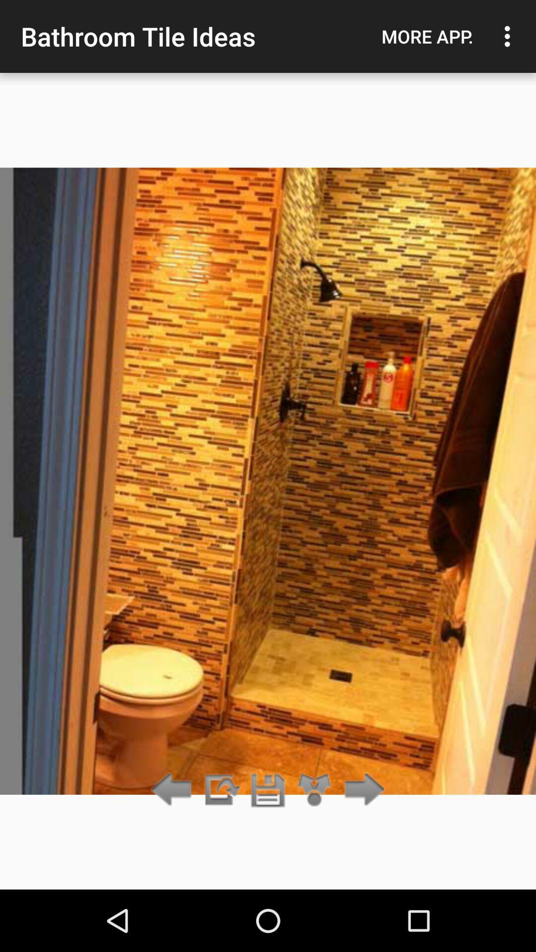 The image size is (536, 952). Describe the element at coordinates (174, 790) in the screenshot. I see `go back` at that location.